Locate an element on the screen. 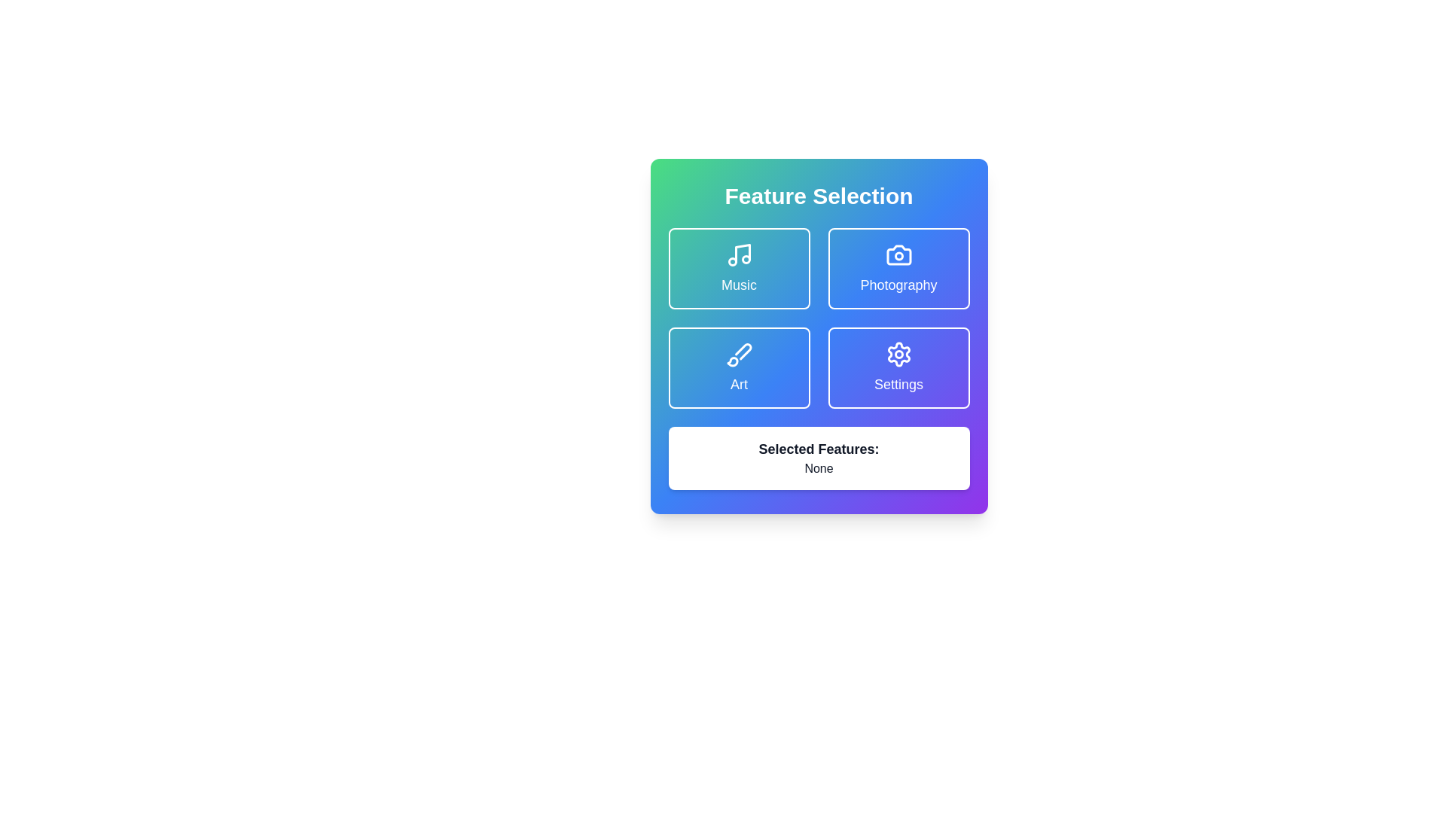 The image size is (1446, 813). the camera icon, which is a thin outline style in white on a blue background, located in the top right quadrant of the 'Photography' panel is located at coordinates (898, 254).